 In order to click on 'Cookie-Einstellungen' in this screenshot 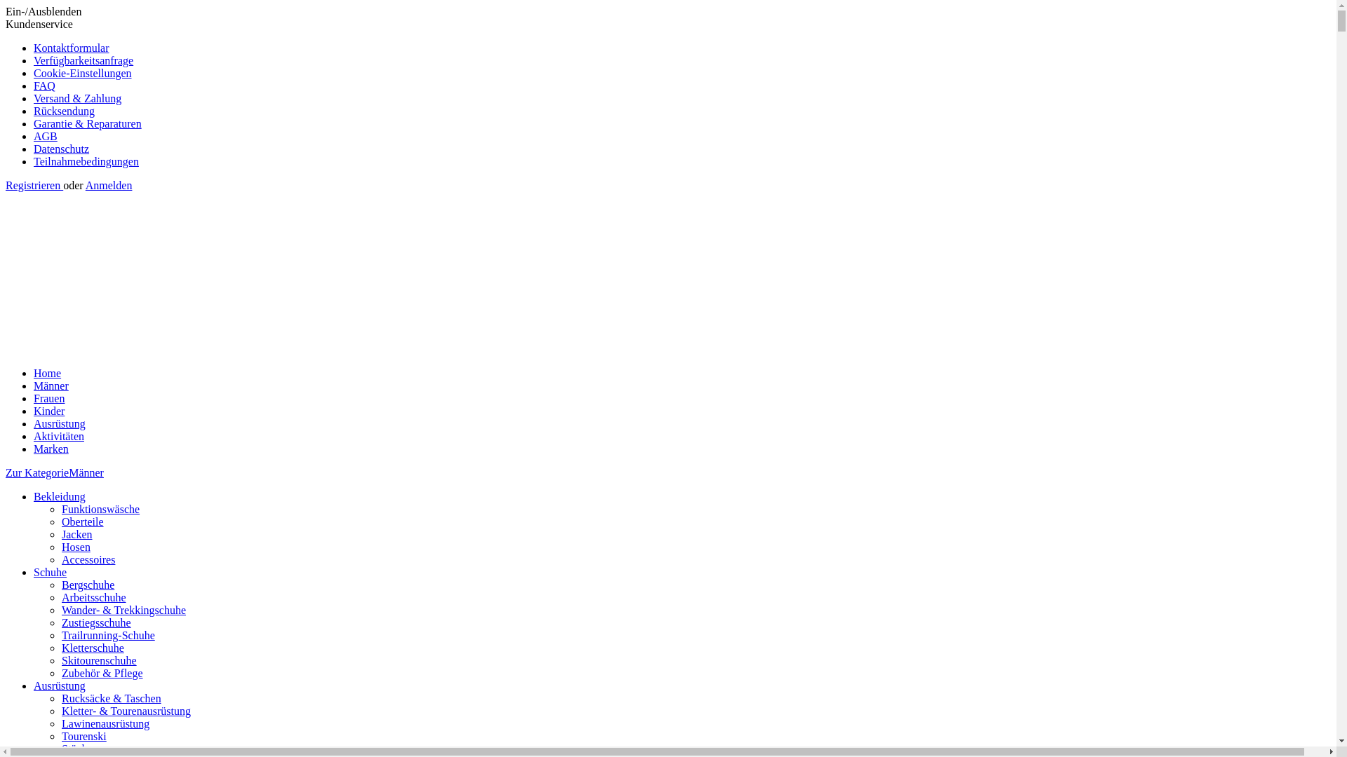, I will do `click(82, 73)`.